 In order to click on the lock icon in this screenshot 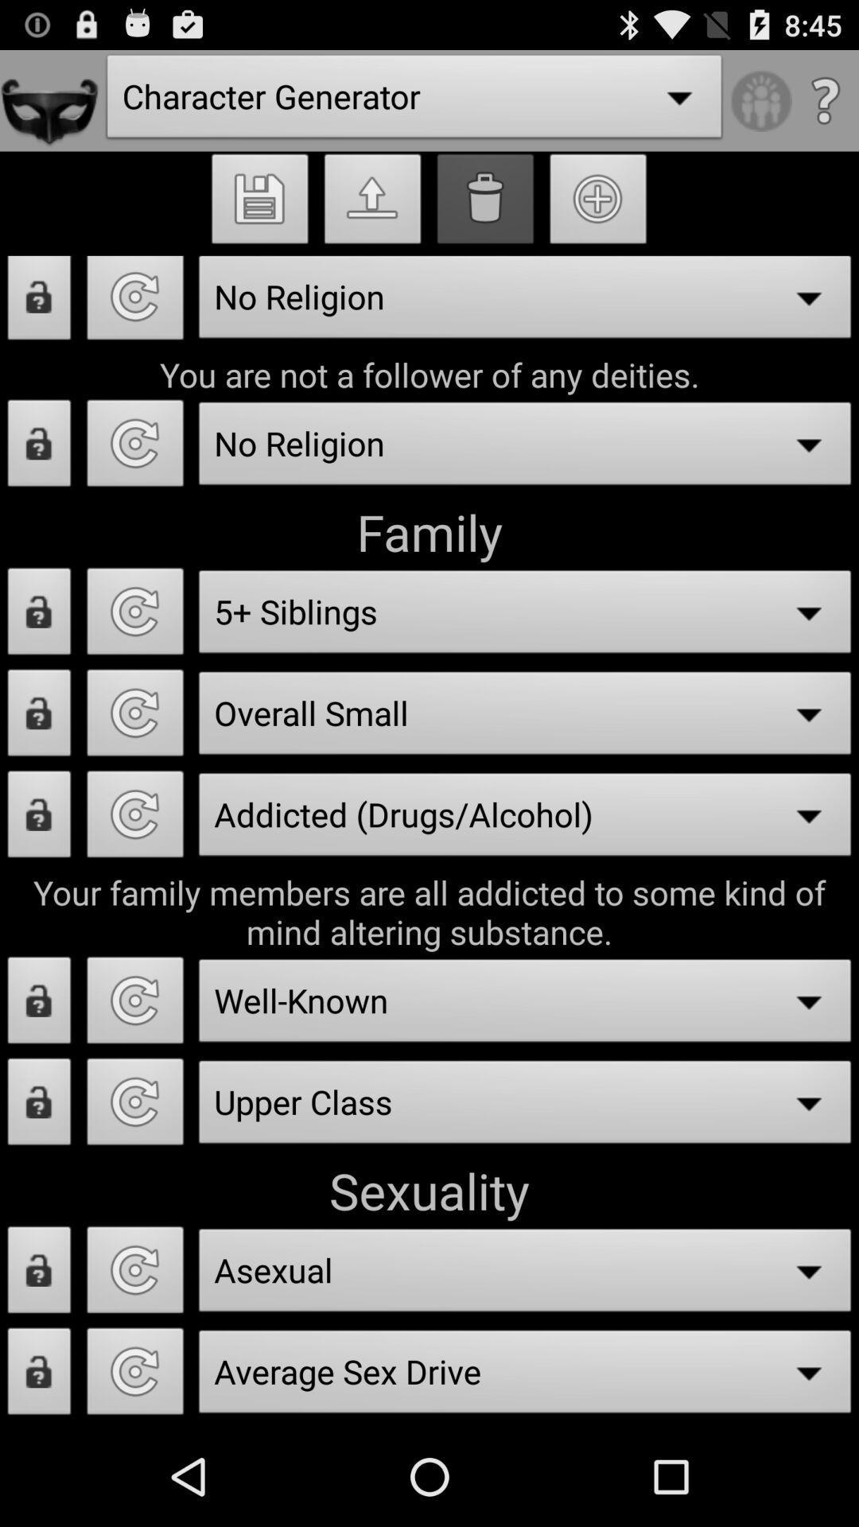, I will do `click(38, 767)`.